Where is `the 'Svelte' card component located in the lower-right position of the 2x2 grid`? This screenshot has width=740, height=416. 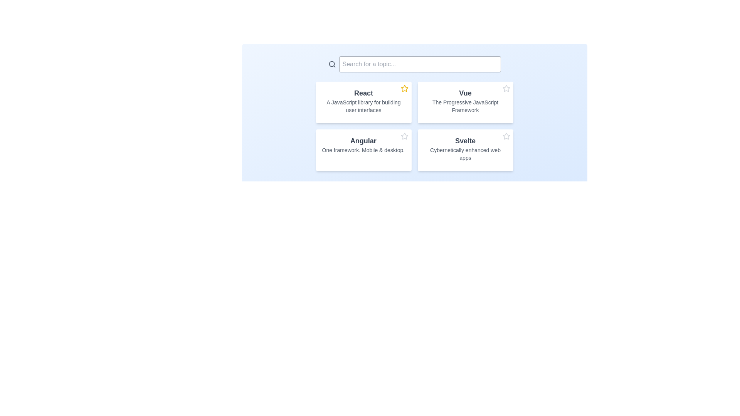 the 'Svelte' card component located in the lower-right position of the 2x2 grid is located at coordinates (465, 150).